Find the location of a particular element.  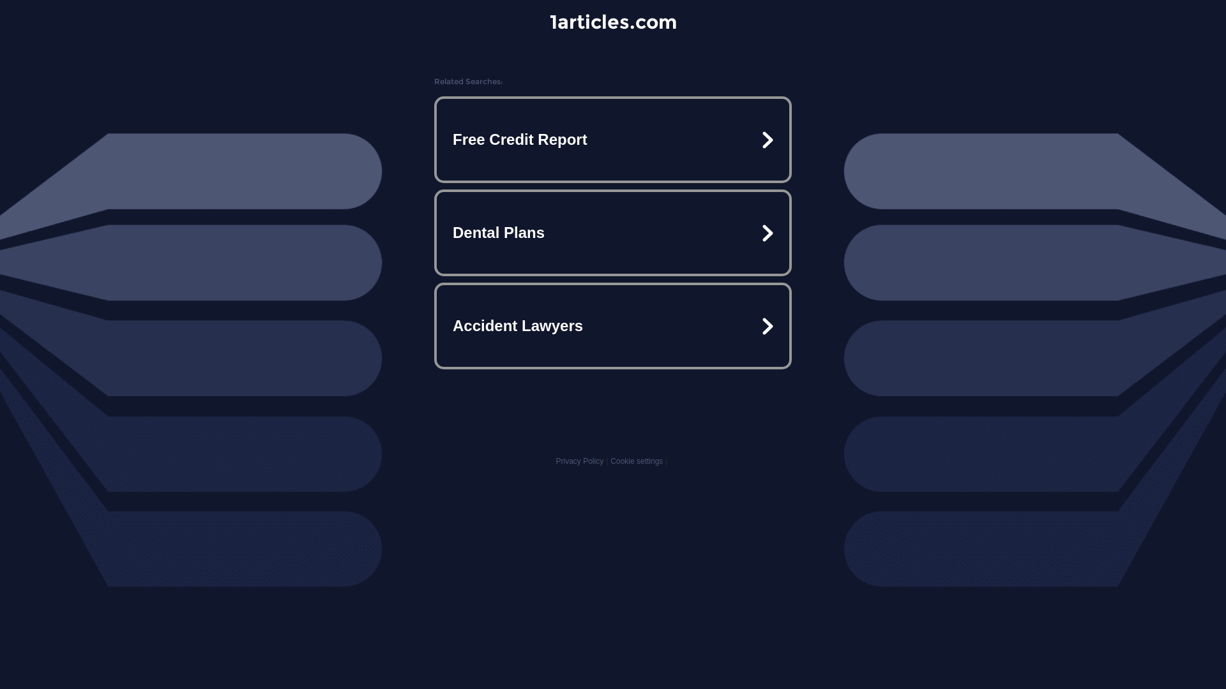

'Dental Plans' is located at coordinates (613, 233).